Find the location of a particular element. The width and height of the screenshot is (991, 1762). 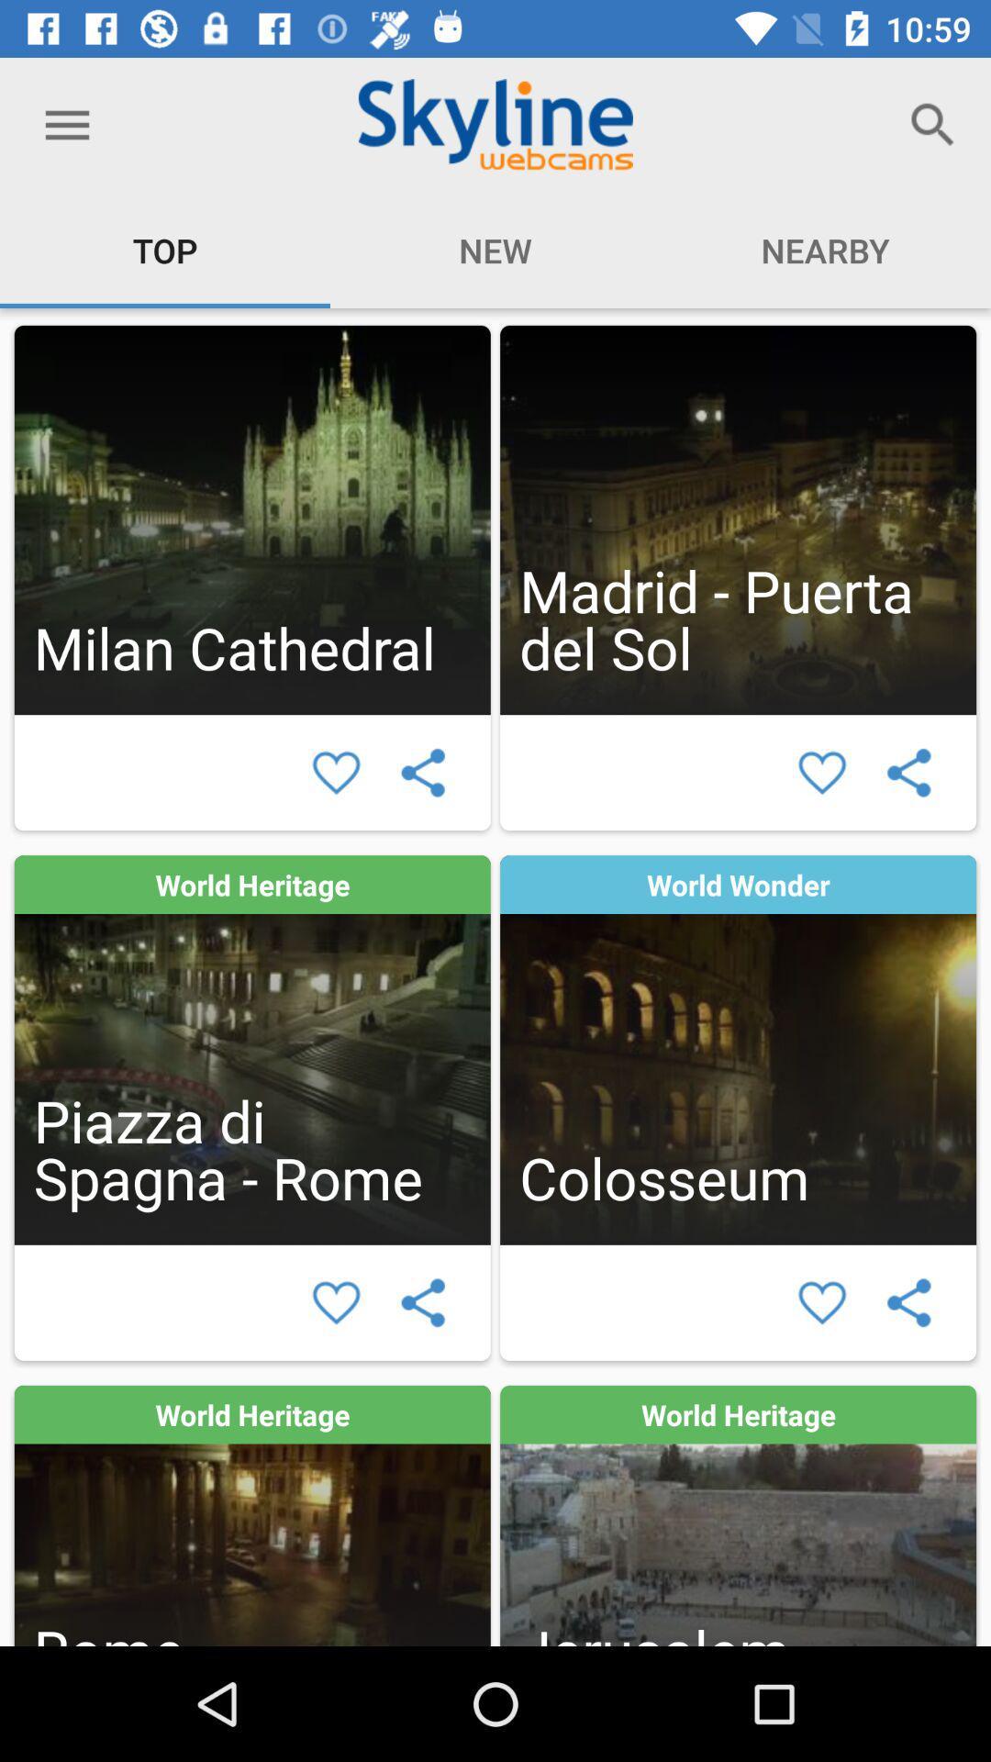

share link is located at coordinates (423, 1301).